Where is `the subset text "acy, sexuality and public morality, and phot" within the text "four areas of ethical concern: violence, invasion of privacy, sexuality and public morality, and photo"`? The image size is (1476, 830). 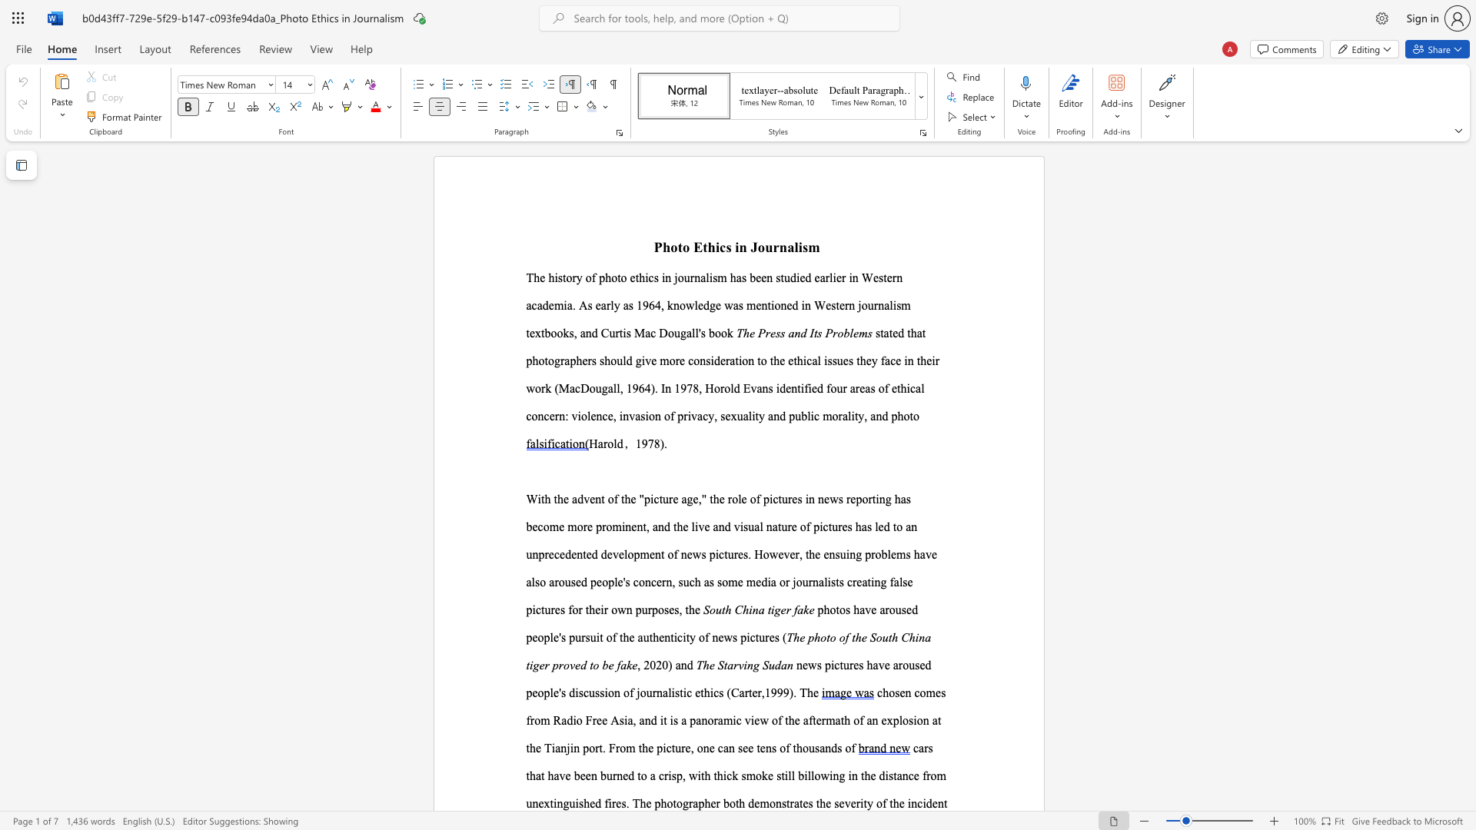
the subset text "acy, sexuality and public morality, and phot" within the text "four areas of ethical concern: violence, invasion of privacy, sexuality and public morality, and photo" is located at coordinates (696, 416).